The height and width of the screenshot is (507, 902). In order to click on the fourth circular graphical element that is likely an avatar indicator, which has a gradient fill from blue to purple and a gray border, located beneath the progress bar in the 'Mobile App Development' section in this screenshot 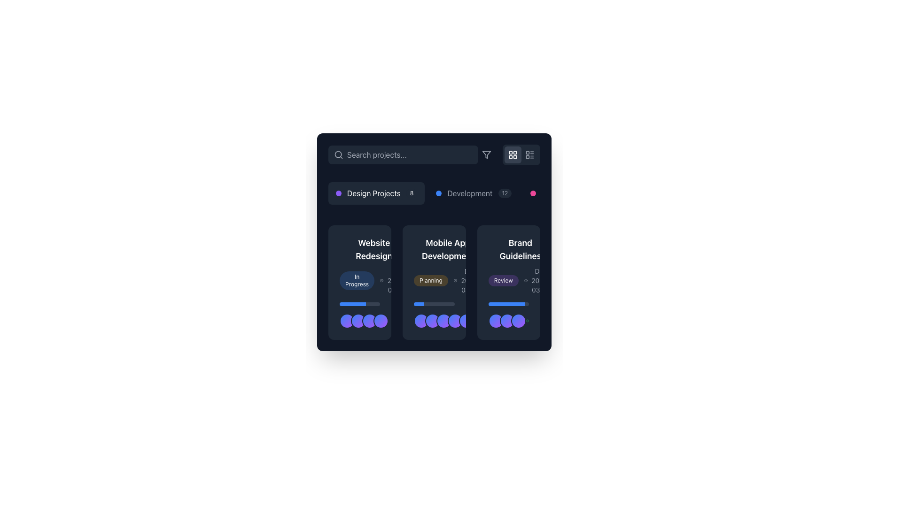, I will do `click(455, 320)`.